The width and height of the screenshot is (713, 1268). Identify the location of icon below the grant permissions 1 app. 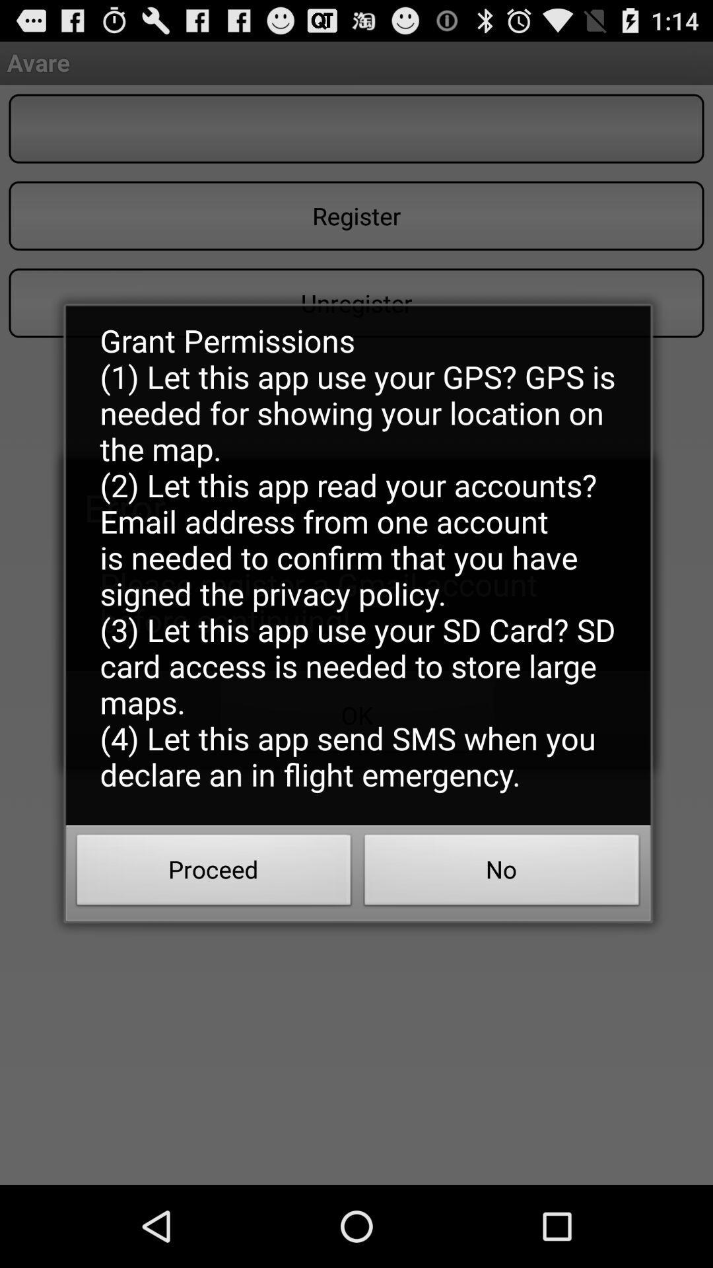
(213, 874).